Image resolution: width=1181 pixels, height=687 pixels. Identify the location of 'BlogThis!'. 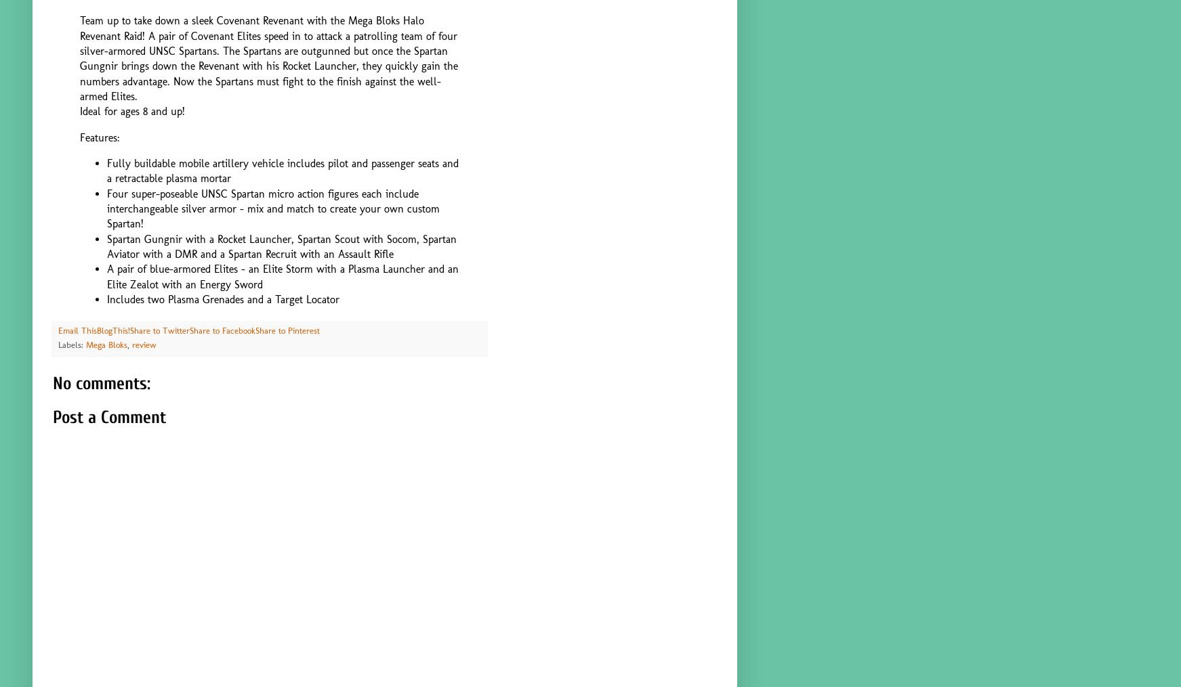
(113, 330).